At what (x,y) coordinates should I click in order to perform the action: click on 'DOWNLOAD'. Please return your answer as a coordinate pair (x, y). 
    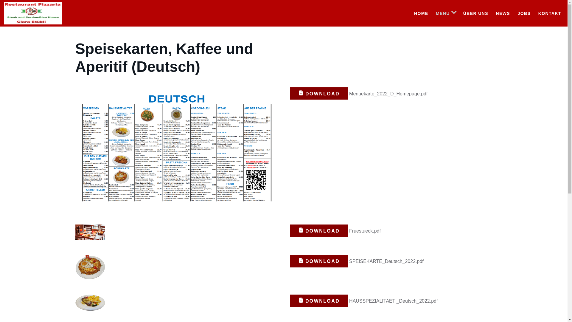
    Looking at the image, I should click on (319, 301).